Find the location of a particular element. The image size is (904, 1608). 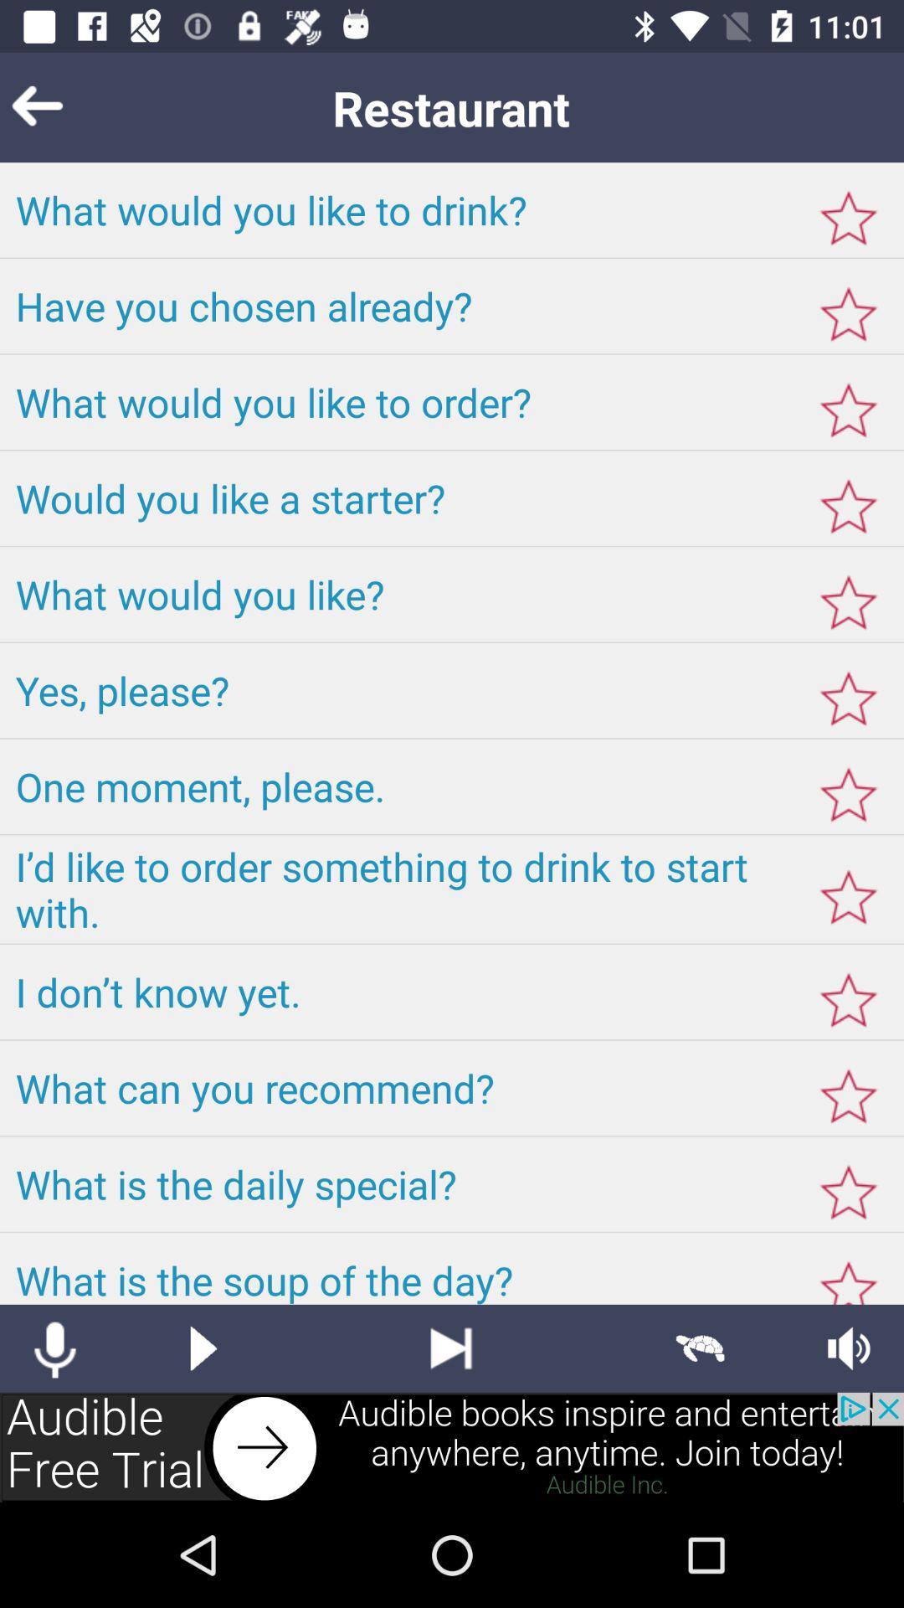

the volume icon is located at coordinates (849, 1348).